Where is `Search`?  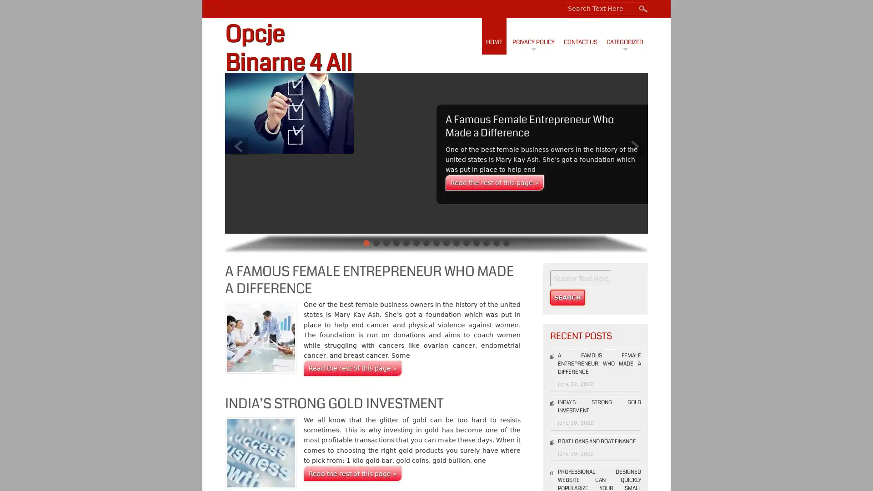 Search is located at coordinates (567, 297).